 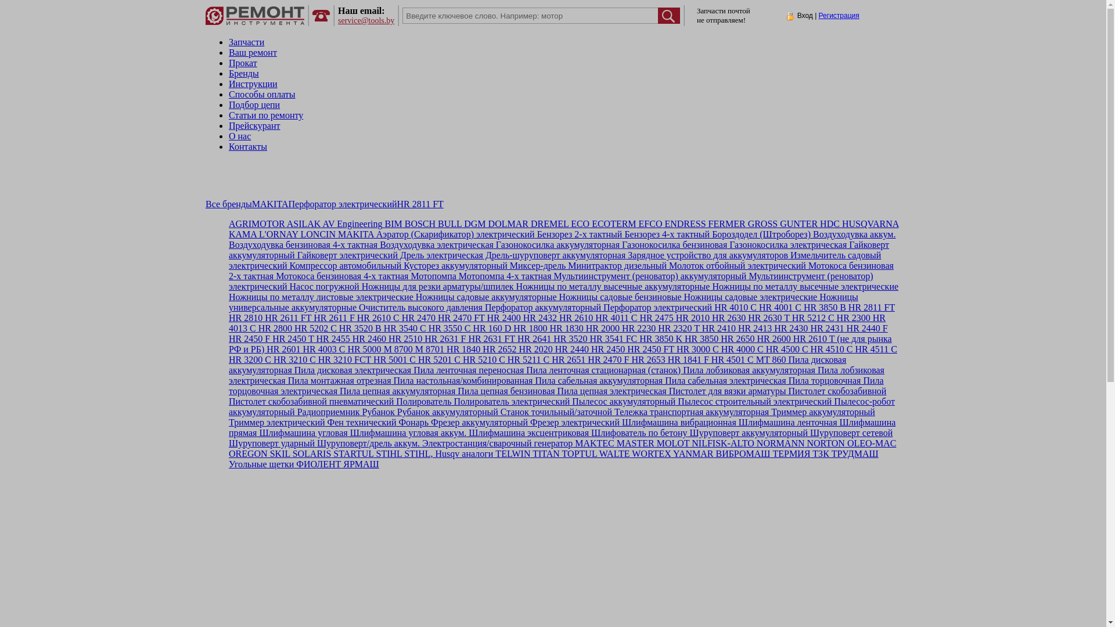 What do you see at coordinates (418, 318) in the screenshot?
I see `'HR 2470'` at bounding box center [418, 318].